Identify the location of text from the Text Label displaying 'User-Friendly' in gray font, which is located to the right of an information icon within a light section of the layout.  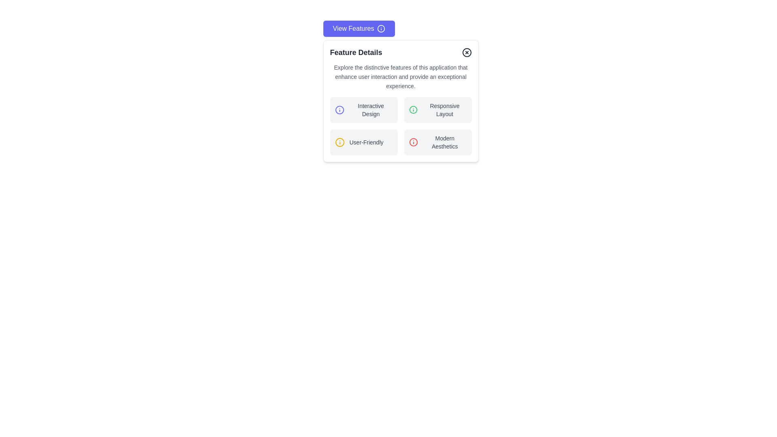
(366, 142).